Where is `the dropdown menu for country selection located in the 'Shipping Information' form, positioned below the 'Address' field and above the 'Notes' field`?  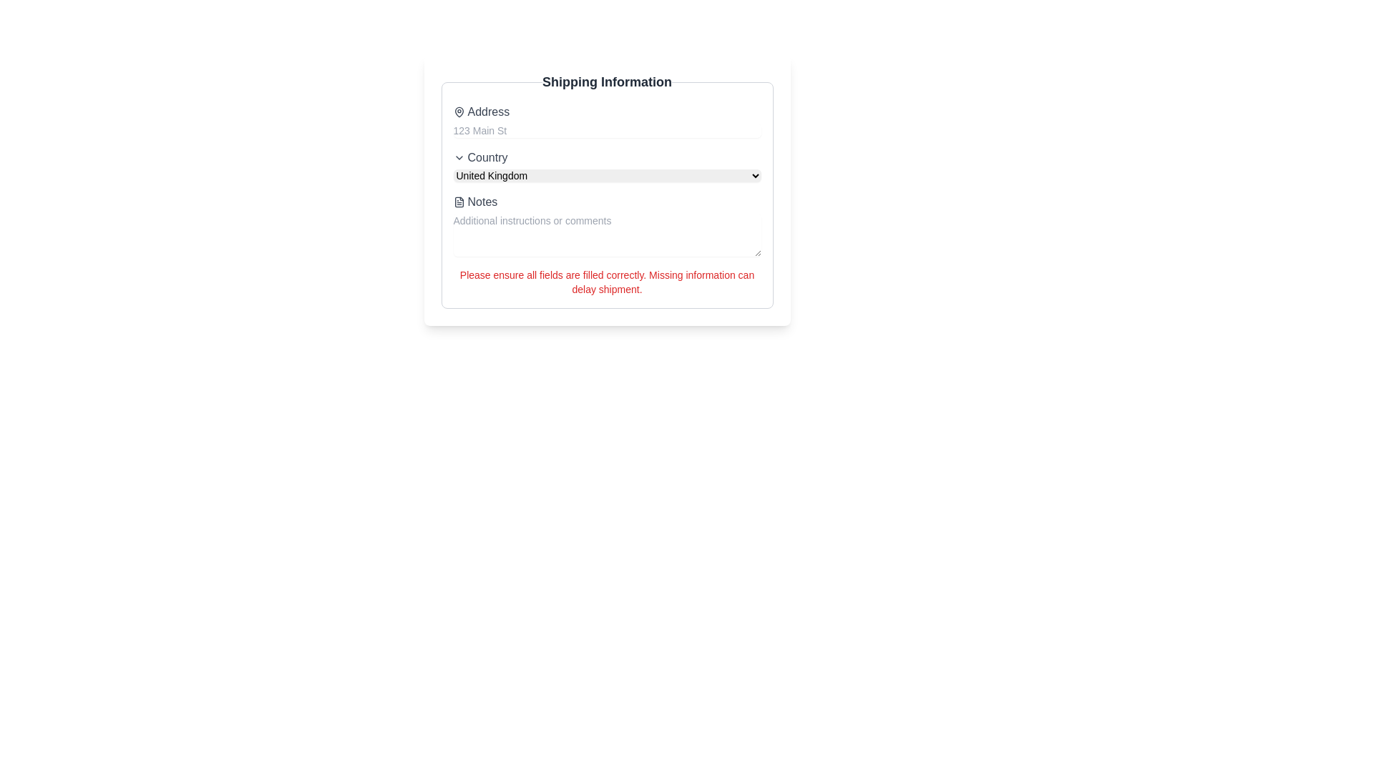
the dropdown menu for country selection located in the 'Shipping Information' form, positioned below the 'Address' field and above the 'Notes' field is located at coordinates (607, 164).